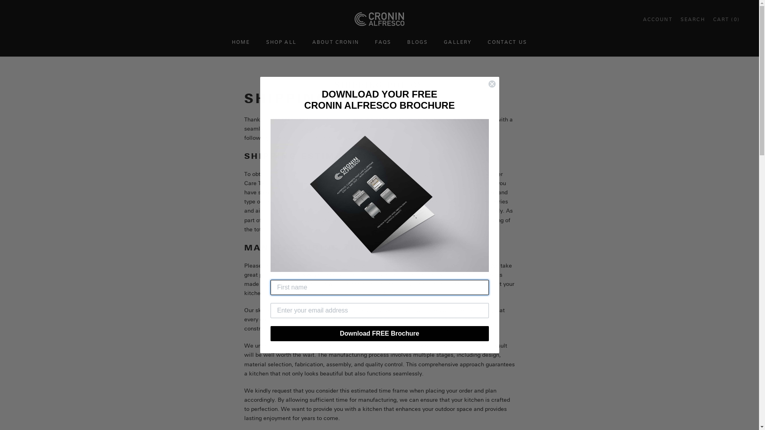  What do you see at coordinates (726, 19) in the screenshot?
I see `'Open cart` at bounding box center [726, 19].